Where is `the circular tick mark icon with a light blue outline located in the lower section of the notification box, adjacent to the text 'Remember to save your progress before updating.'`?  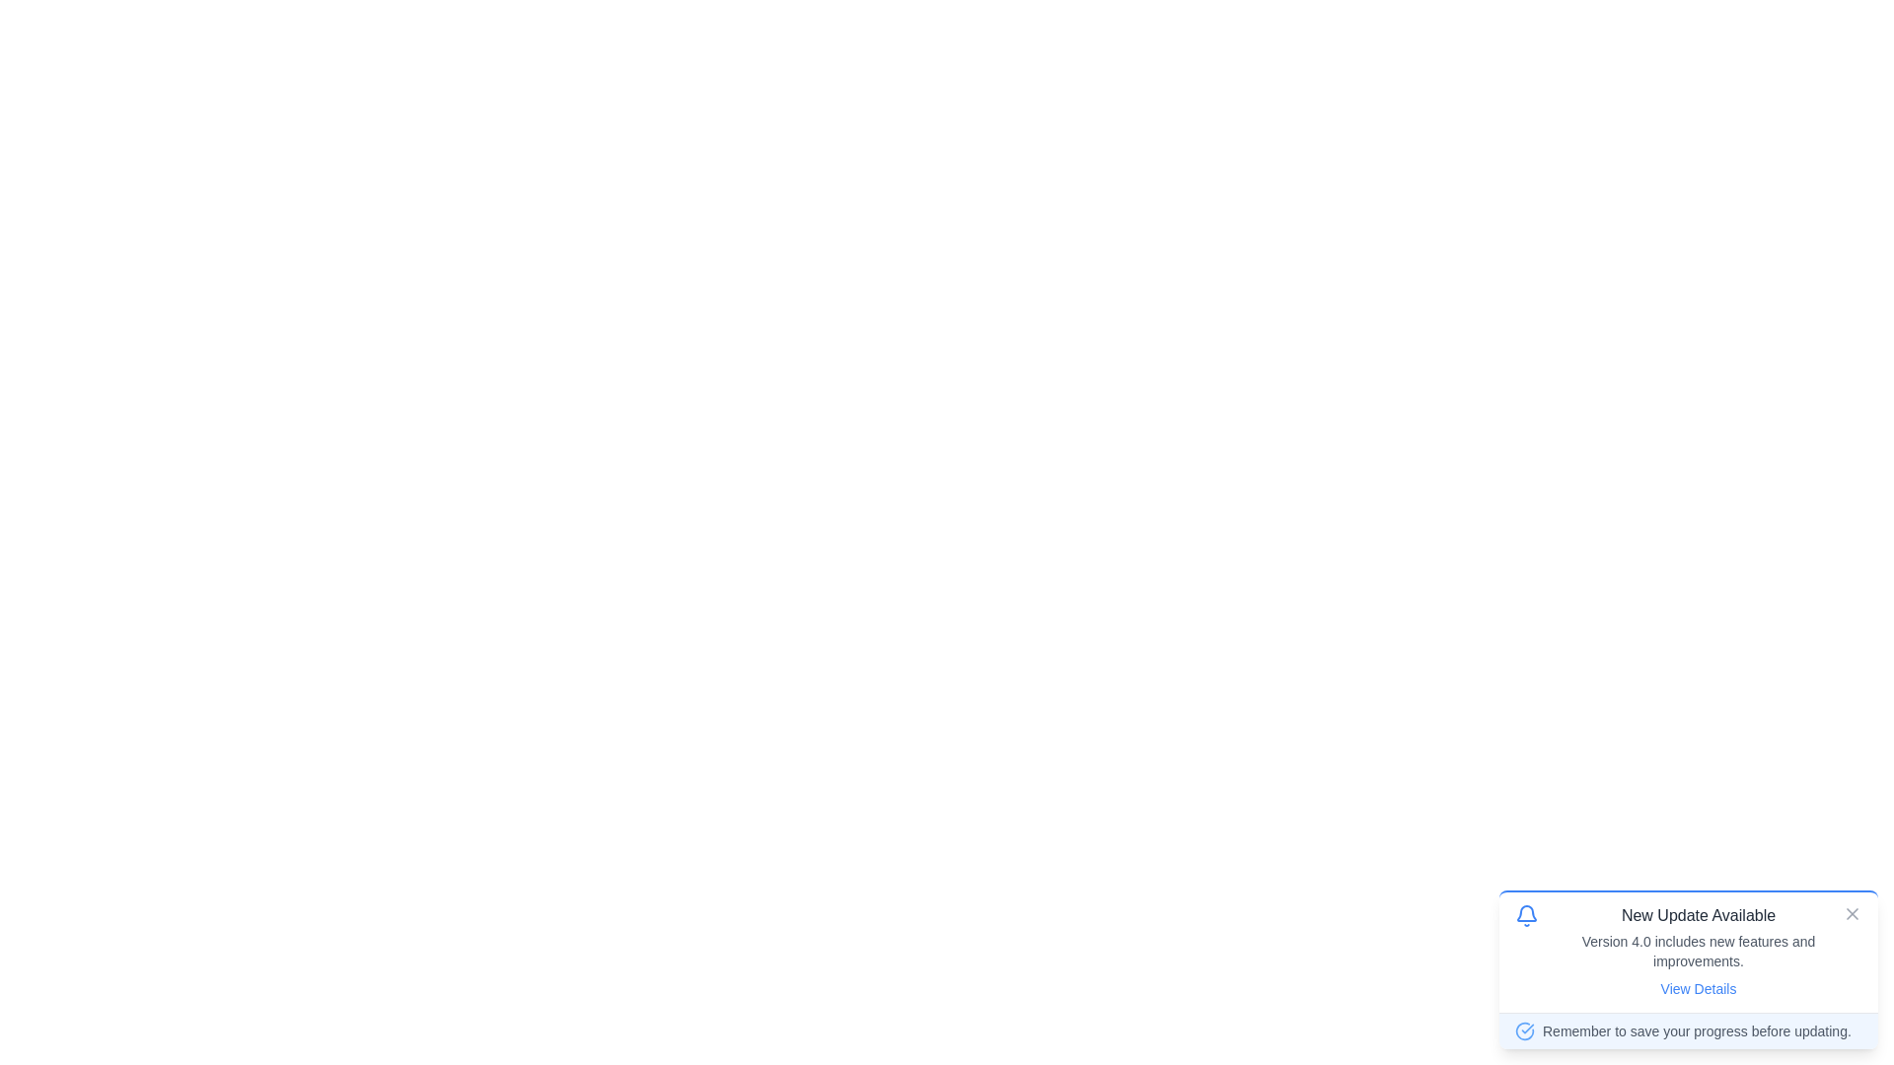 the circular tick mark icon with a light blue outline located in the lower section of the notification box, adjacent to the text 'Remember to save your progress before updating.' is located at coordinates (1523, 1029).